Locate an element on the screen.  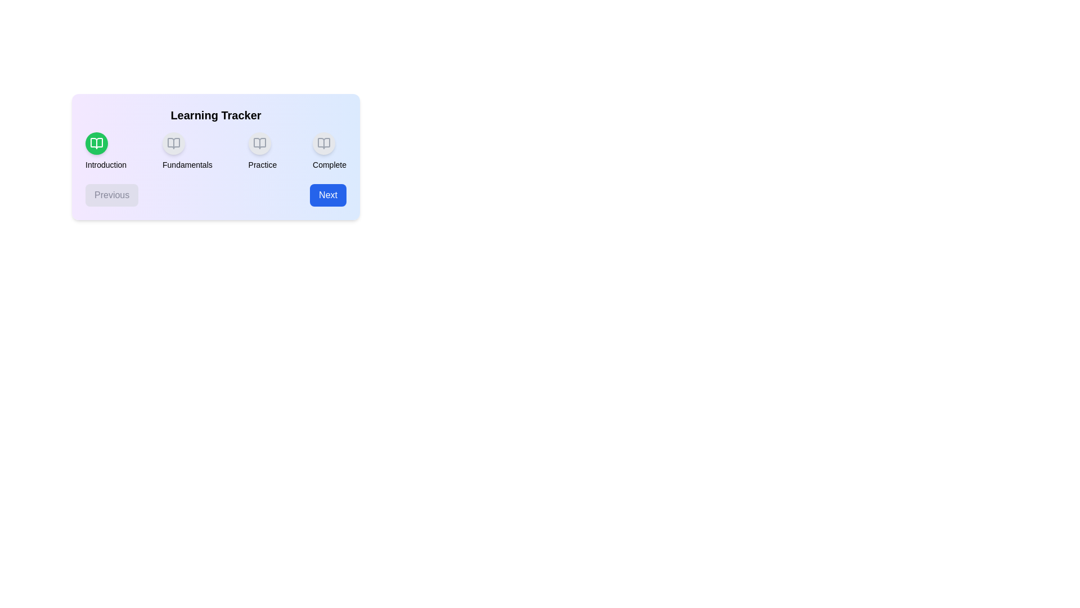
the 'Introduction' section indicator icon, which is visually represented by a green circular background in the Learning Tracker interface, located in the top-left region is located at coordinates (97, 142).